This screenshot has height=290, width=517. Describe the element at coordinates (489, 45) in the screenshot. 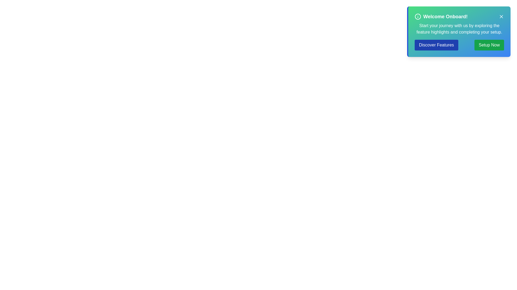

I see `the 'Setup Now' button to open the setup guide` at that location.